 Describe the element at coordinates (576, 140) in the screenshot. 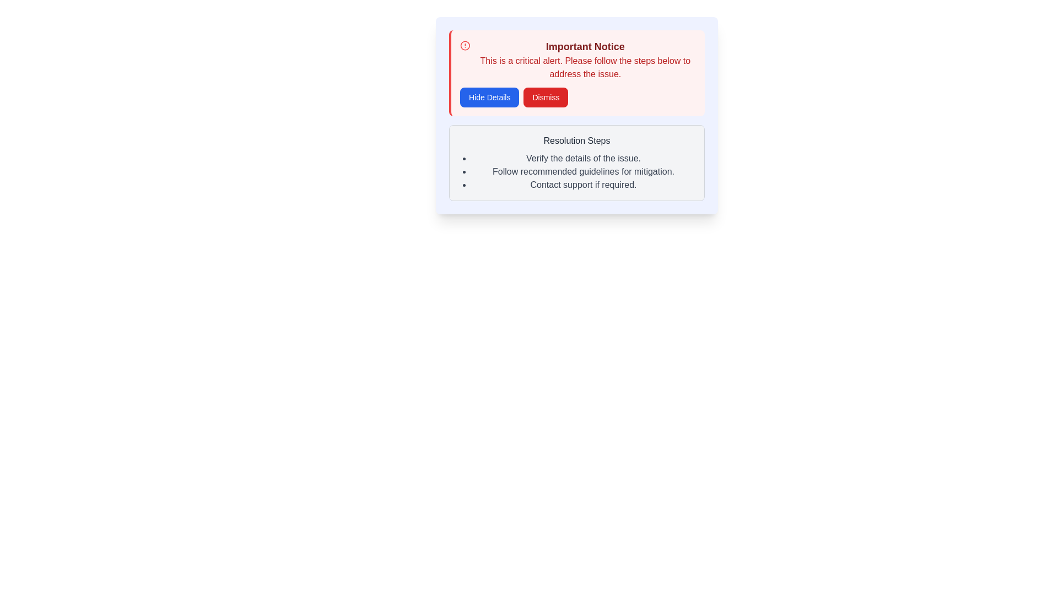

I see `the heading text label that introduces and describes the subsequent steps or instructions, located above the bulleted list within a light gray box with rounded edges` at that location.